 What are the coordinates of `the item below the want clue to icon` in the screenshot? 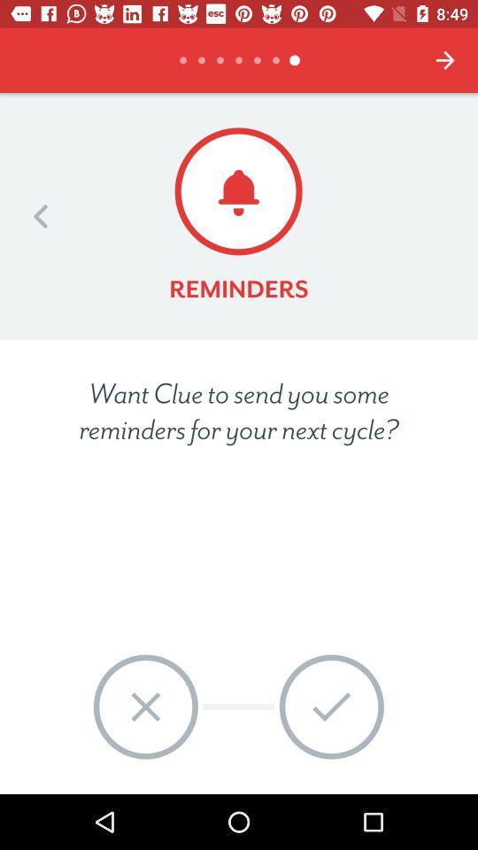 It's located at (144, 707).